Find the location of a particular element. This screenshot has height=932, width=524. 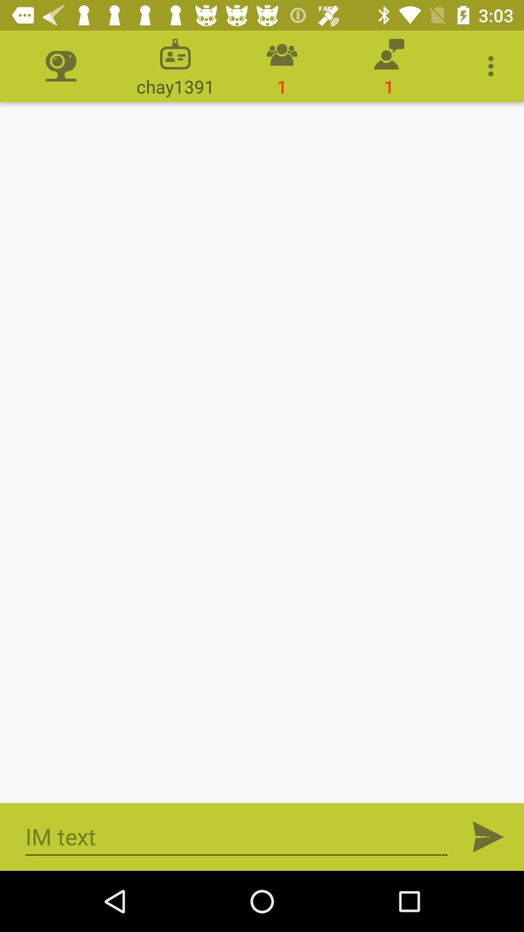

text is located at coordinates (236, 836).